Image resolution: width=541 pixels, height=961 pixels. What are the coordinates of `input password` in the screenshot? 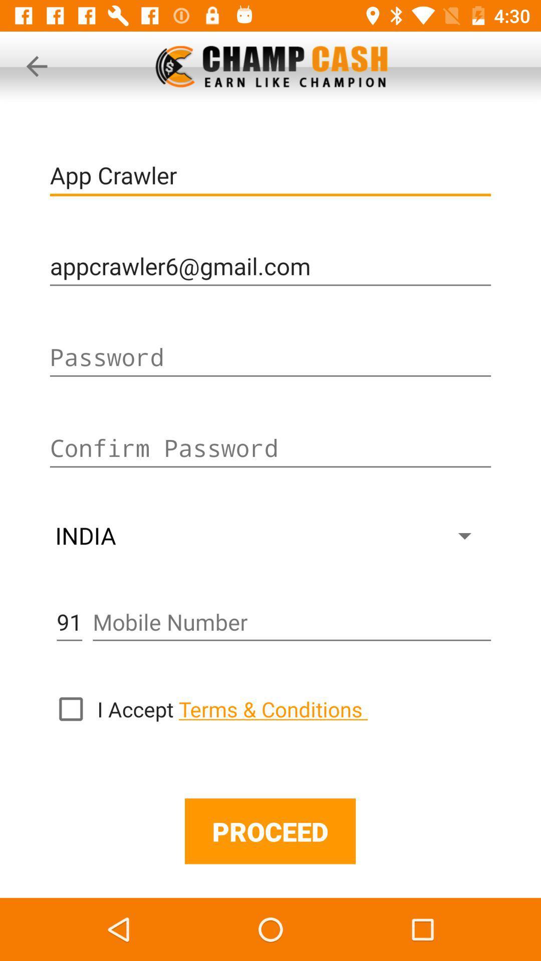 It's located at (270, 357).